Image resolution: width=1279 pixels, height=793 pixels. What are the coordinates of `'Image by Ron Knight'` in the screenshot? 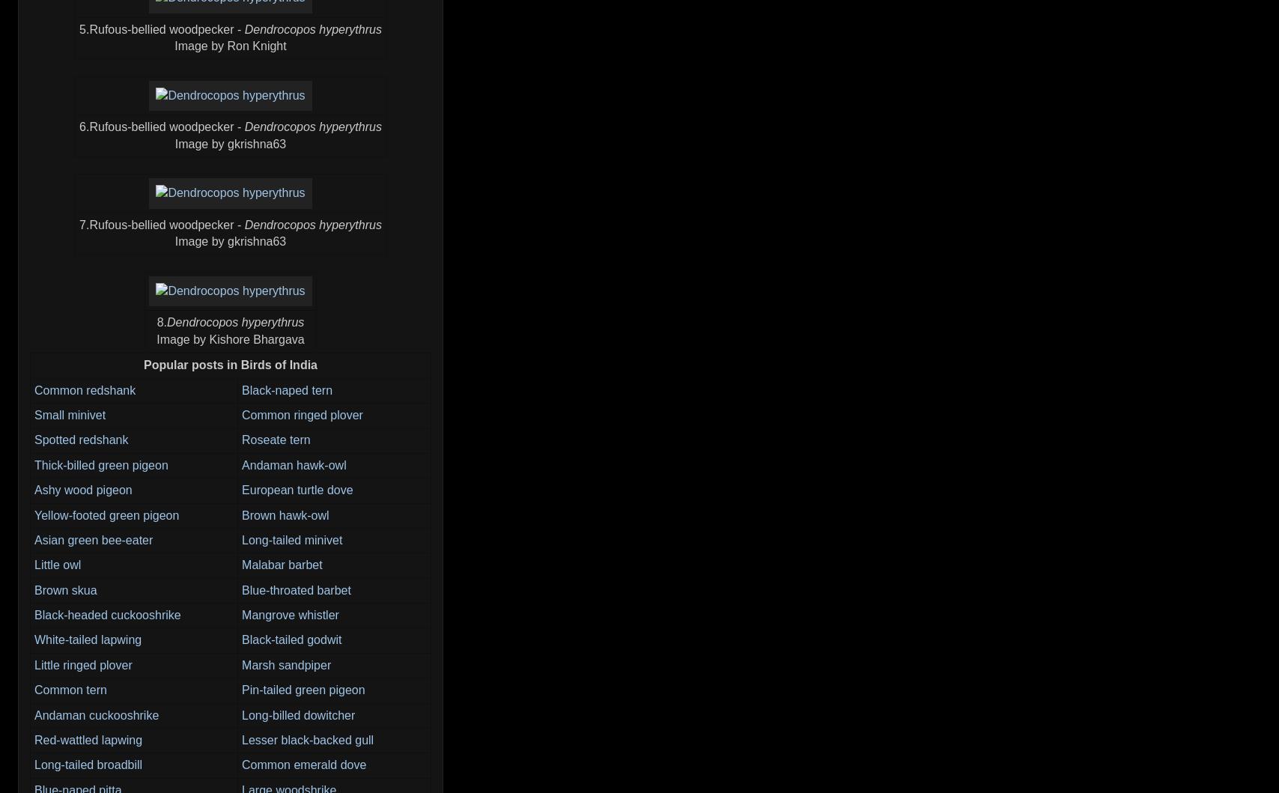 It's located at (174, 46).